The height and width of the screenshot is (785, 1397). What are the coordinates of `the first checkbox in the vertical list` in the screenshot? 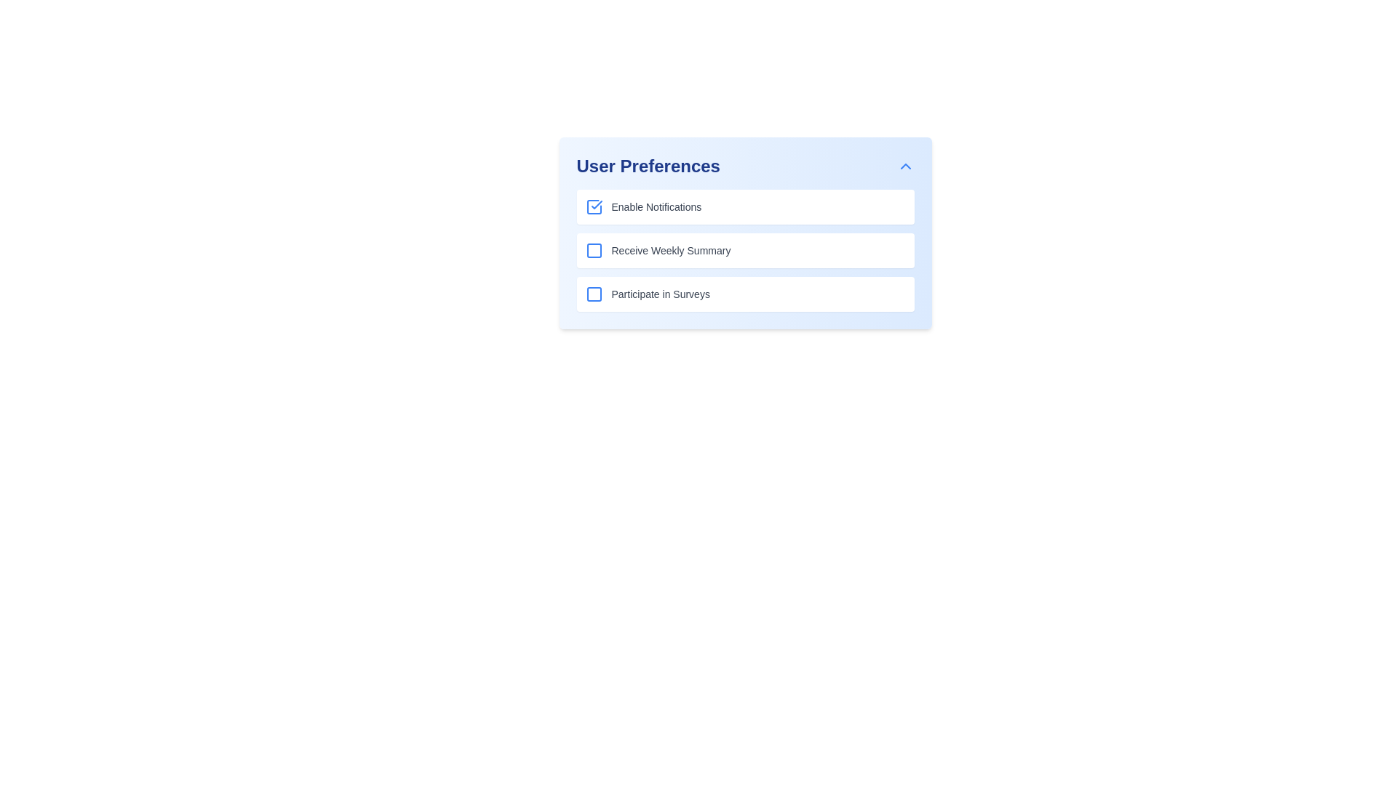 It's located at (745, 207).